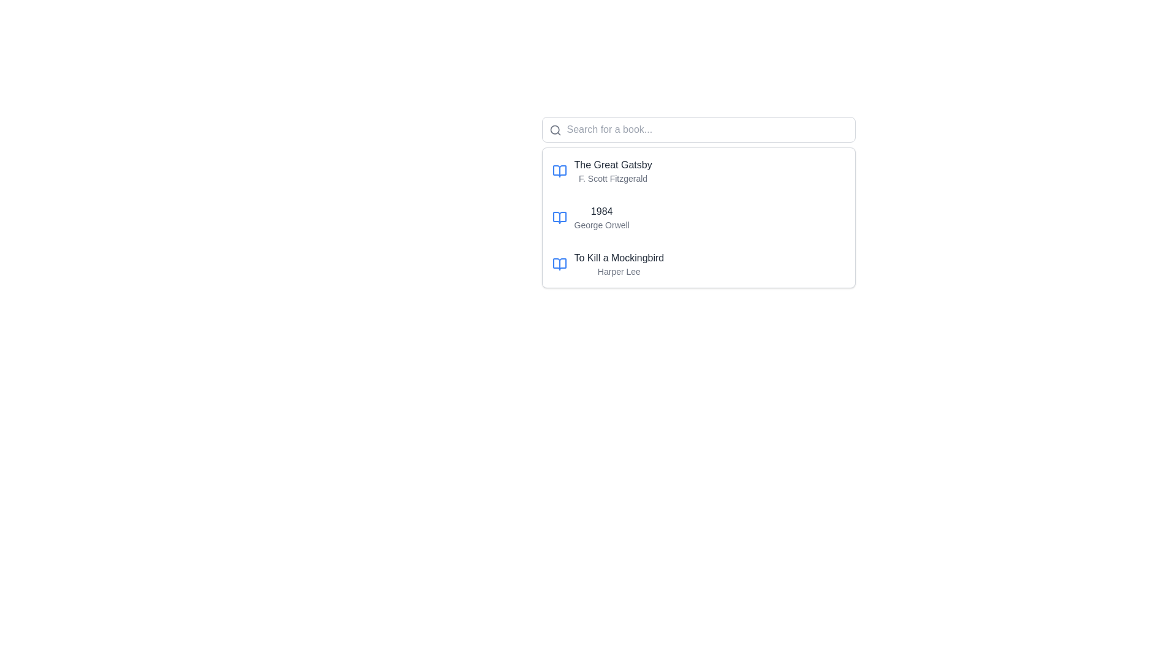 Image resolution: width=1176 pixels, height=661 pixels. Describe the element at coordinates (559, 264) in the screenshot. I see `the book icon for 'To Kill a Mockingbird' by Harper Lee, which is positioned to the left of the title in the third entry of the book list` at that location.